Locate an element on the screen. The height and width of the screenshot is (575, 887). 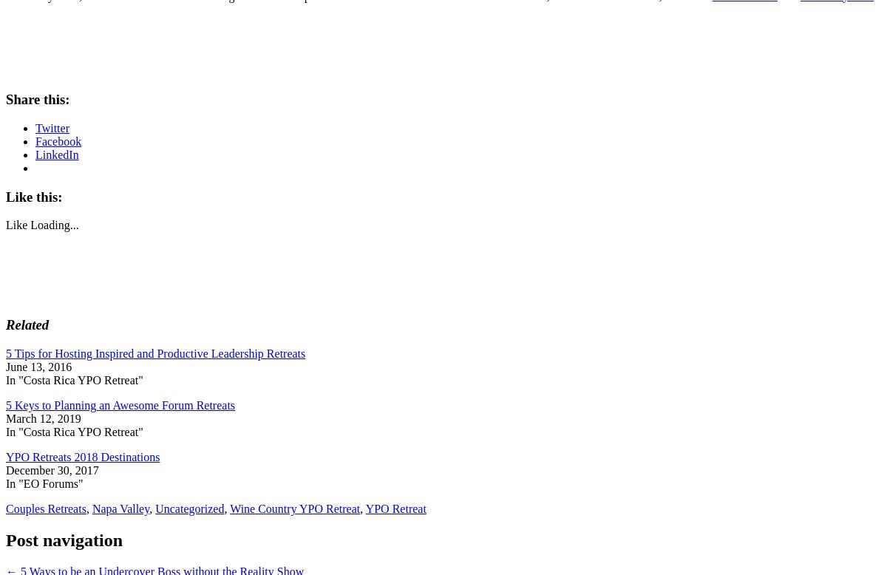
'YPO Retreat' is located at coordinates (364, 508).